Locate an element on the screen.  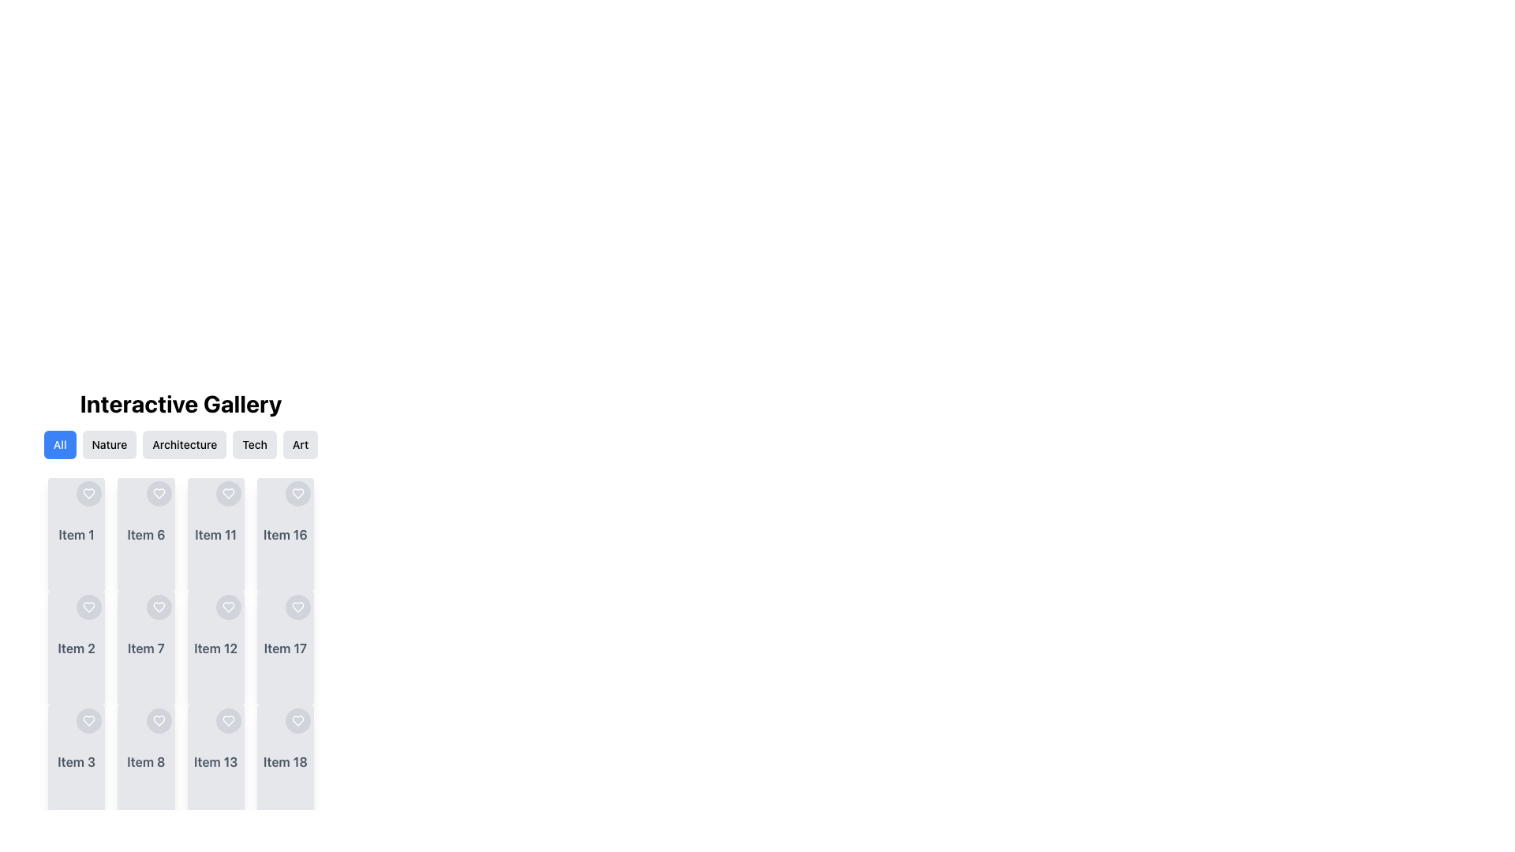
the heart icon button, which is the fourth from the left and third from the top within a grid of similar icons is located at coordinates (159, 721).